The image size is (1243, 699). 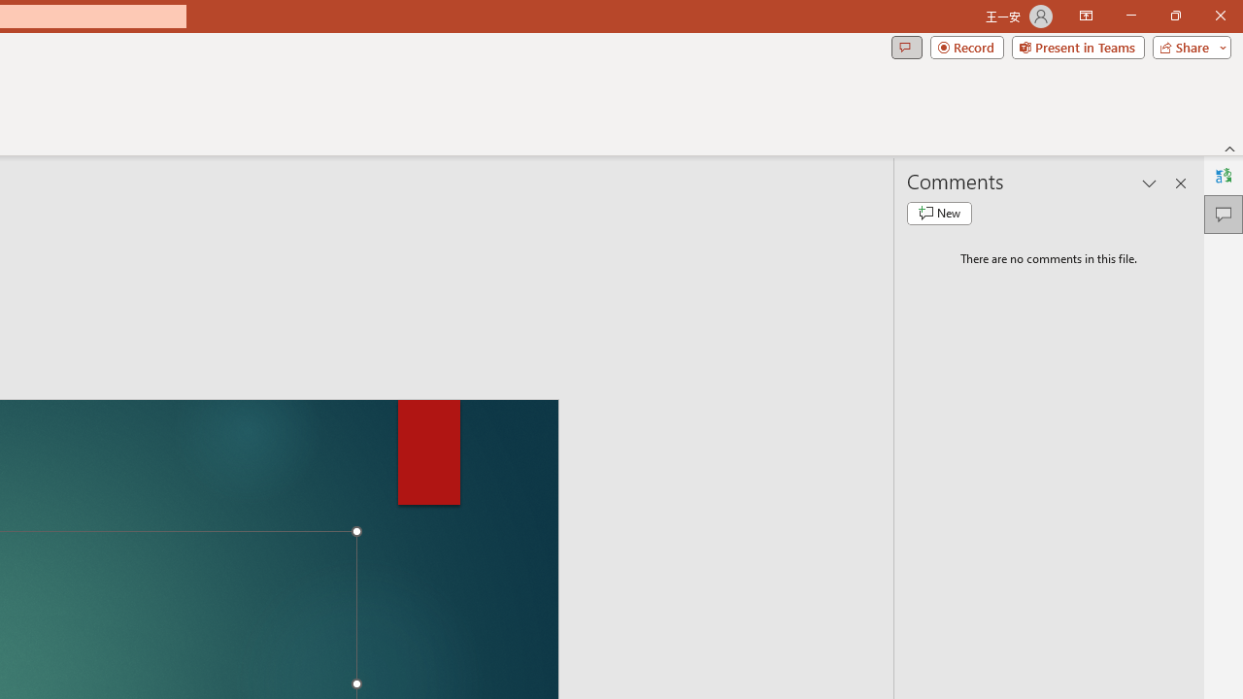 I want to click on 'New comment', so click(x=939, y=213).